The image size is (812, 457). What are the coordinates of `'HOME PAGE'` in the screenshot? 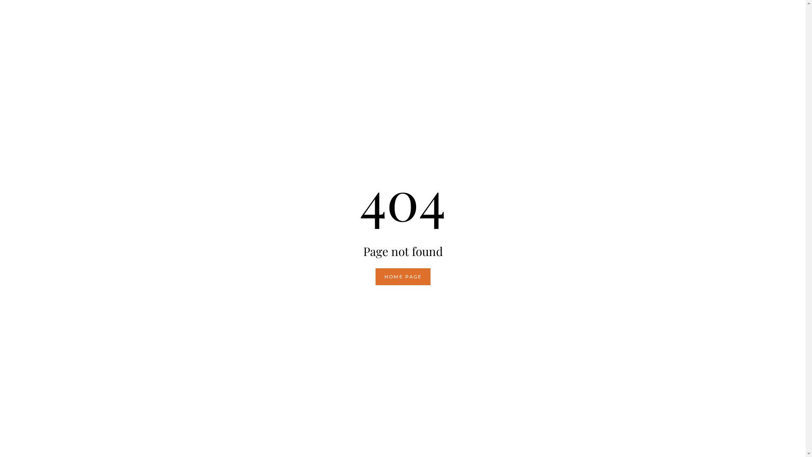 It's located at (403, 277).